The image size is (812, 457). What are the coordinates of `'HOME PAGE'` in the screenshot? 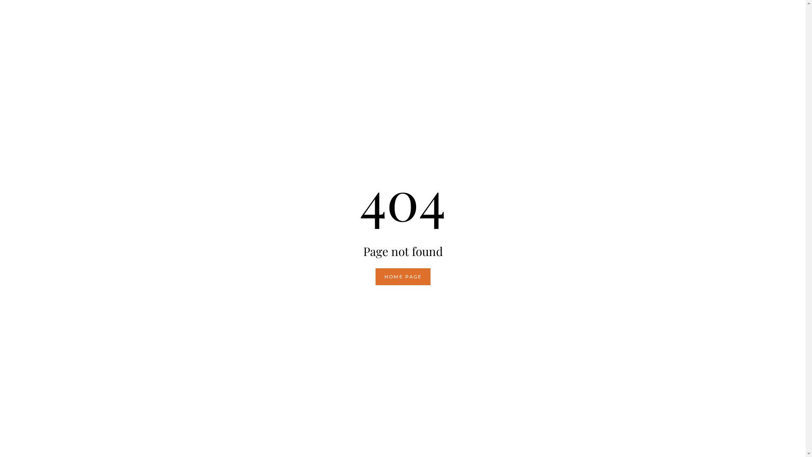 It's located at (403, 277).